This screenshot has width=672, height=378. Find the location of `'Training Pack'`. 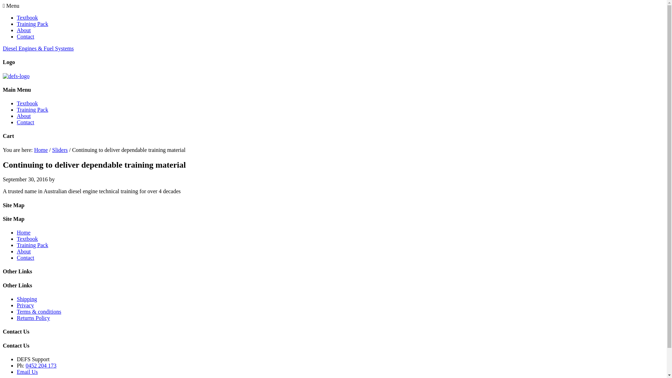

'Training Pack' is located at coordinates (17, 110).